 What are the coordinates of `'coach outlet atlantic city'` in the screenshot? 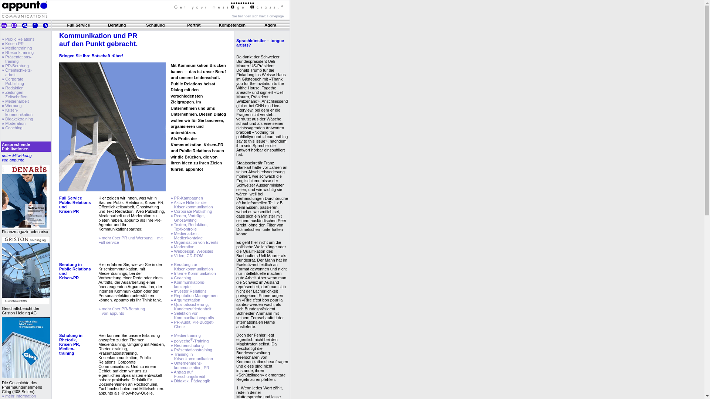 It's located at (157, 32).